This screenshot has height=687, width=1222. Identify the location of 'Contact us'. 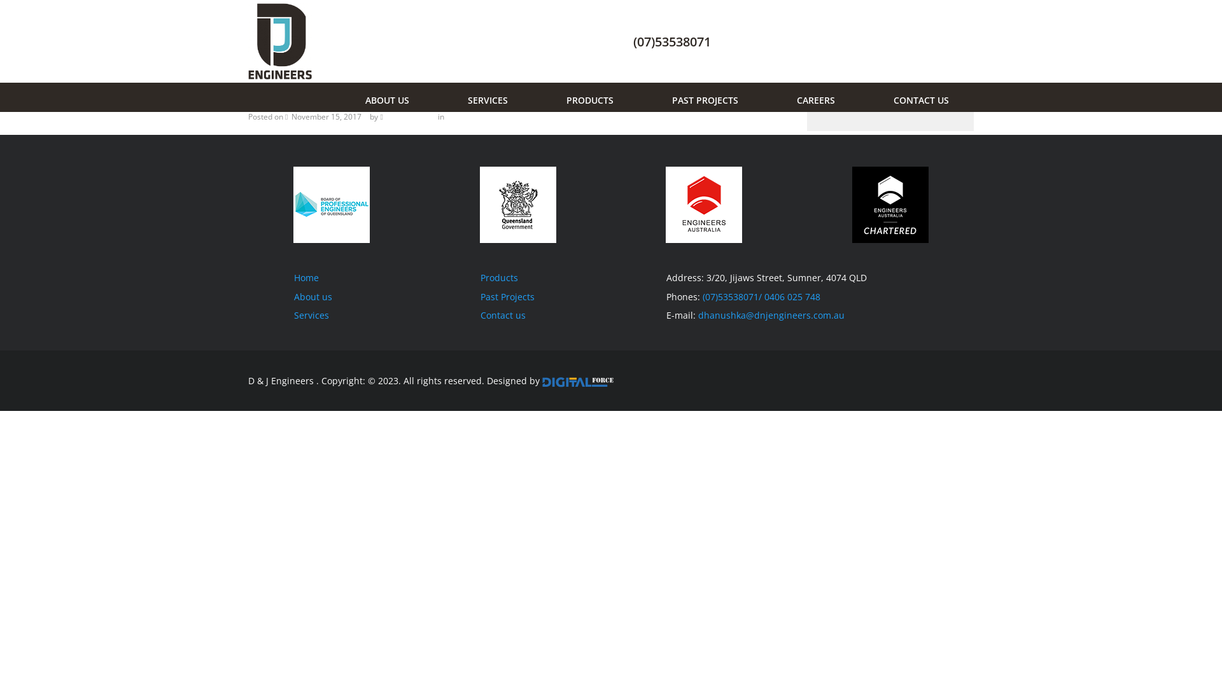
(479, 315).